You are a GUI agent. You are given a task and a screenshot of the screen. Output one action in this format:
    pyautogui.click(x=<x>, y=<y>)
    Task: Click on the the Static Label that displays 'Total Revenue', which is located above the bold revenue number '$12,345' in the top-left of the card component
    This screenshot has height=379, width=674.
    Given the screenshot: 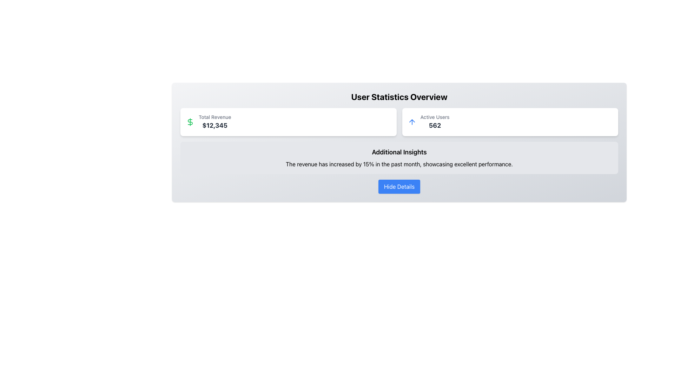 What is the action you would take?
    pyautogui.click(x=214, y=117)
    